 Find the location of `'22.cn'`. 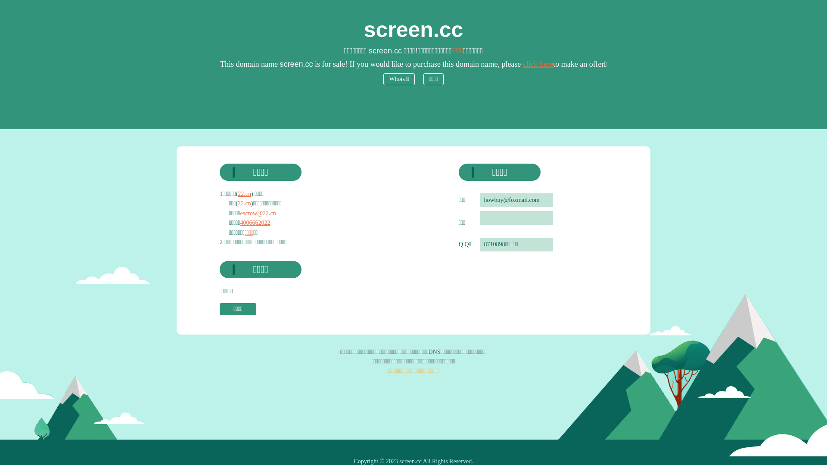

'22.cn' is located at coordinates (244, 203).